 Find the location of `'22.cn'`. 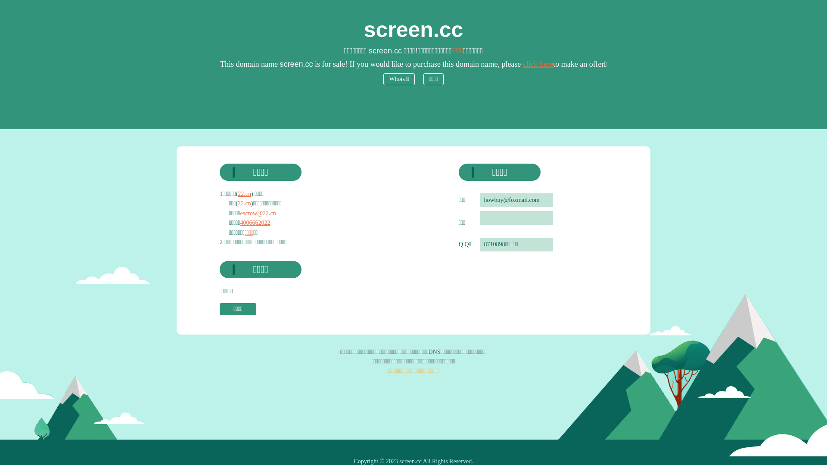

'22.cn' is located at coordinates (244, 203).